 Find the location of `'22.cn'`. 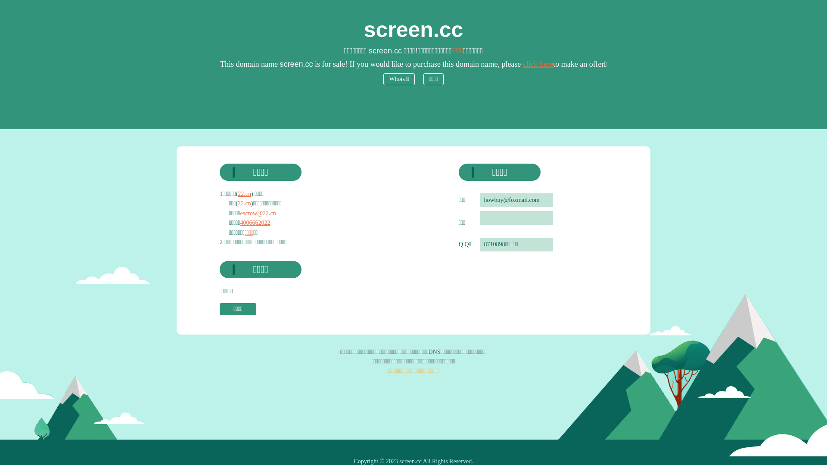

'22.cn' is located at coordinates (244, 203).